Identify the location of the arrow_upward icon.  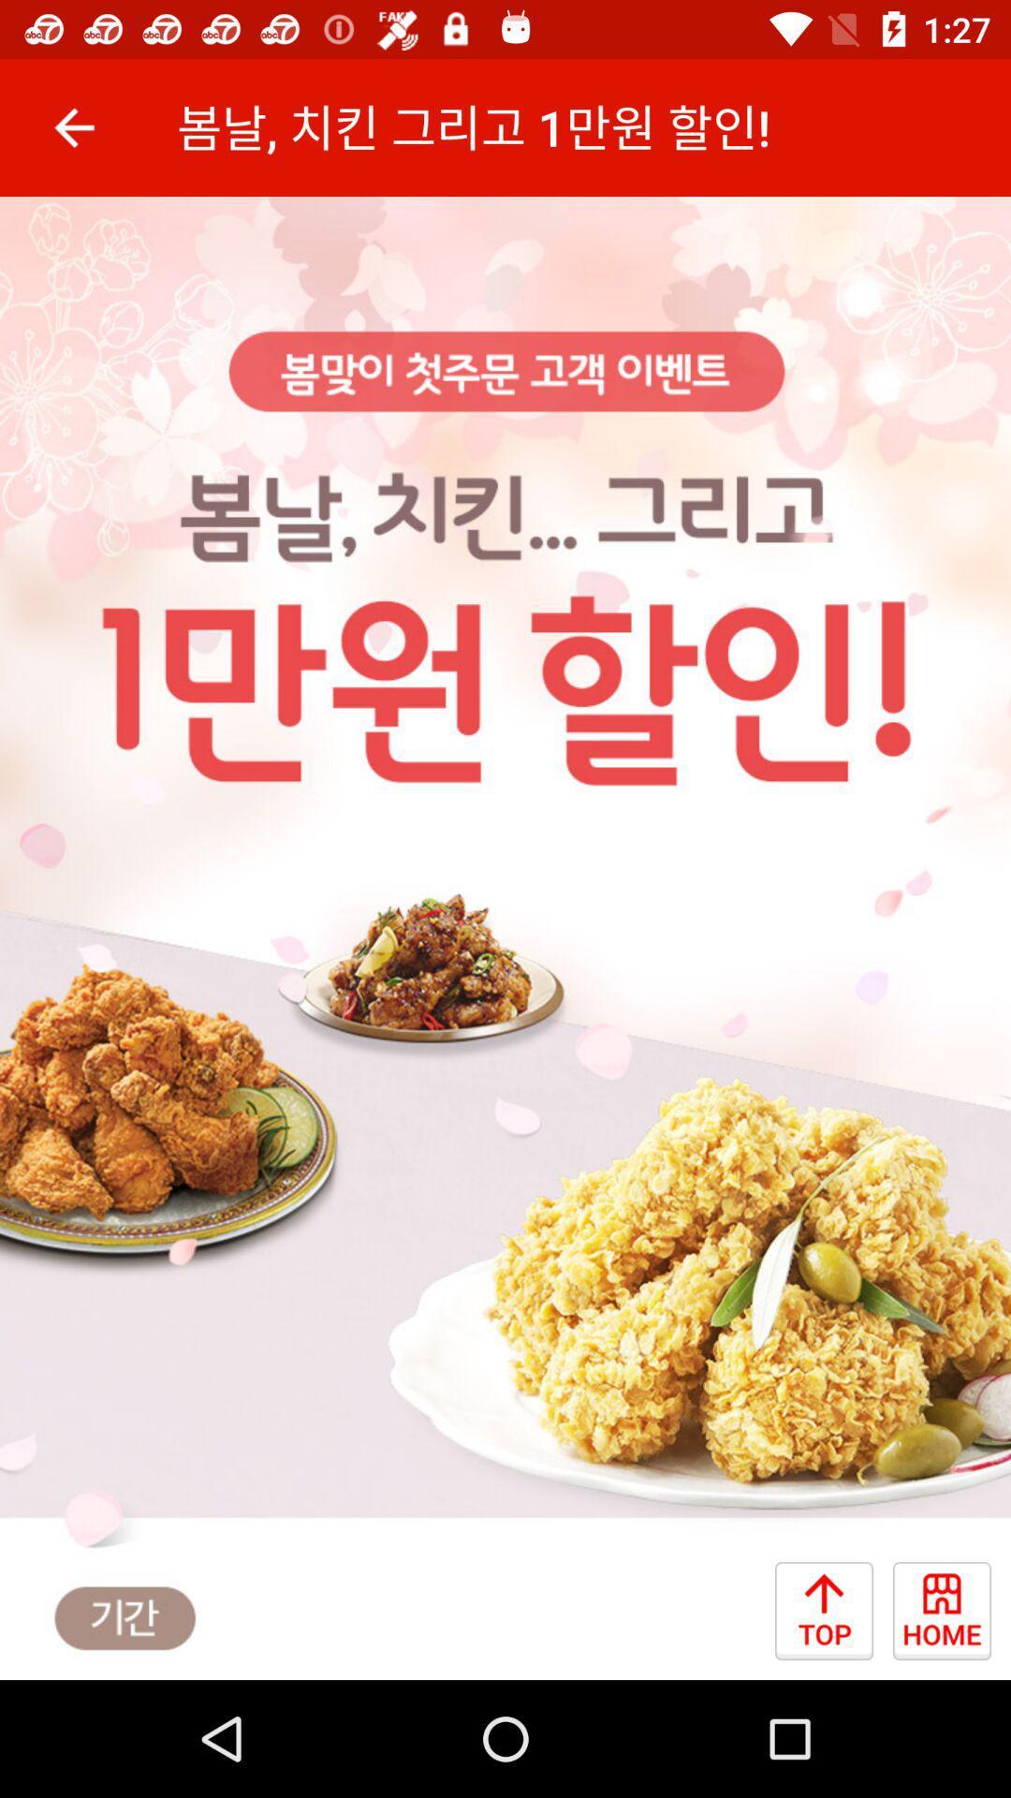
(833, 1620).